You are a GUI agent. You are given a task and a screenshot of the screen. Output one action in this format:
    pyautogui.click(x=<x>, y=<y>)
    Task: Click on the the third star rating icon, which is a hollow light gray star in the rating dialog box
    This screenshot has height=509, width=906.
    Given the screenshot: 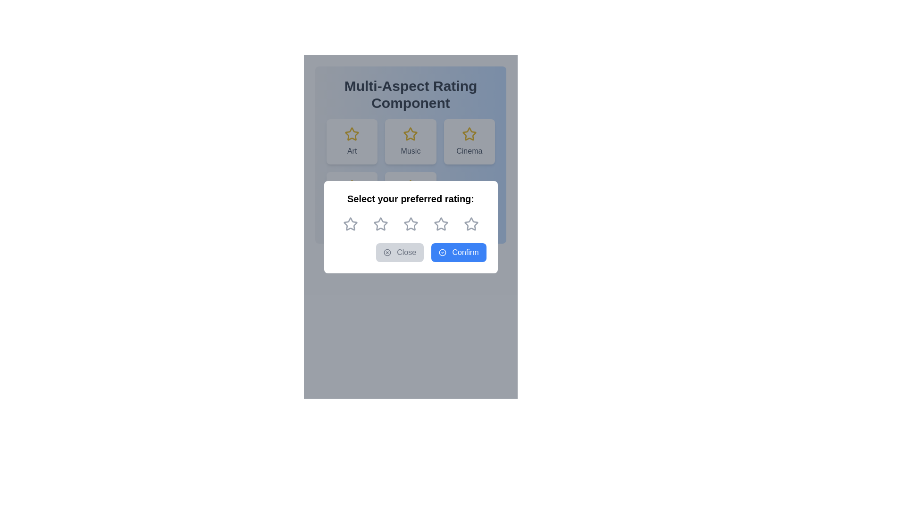 What is the action you would take?
    pyautogui.click(x=380, y=224)
    